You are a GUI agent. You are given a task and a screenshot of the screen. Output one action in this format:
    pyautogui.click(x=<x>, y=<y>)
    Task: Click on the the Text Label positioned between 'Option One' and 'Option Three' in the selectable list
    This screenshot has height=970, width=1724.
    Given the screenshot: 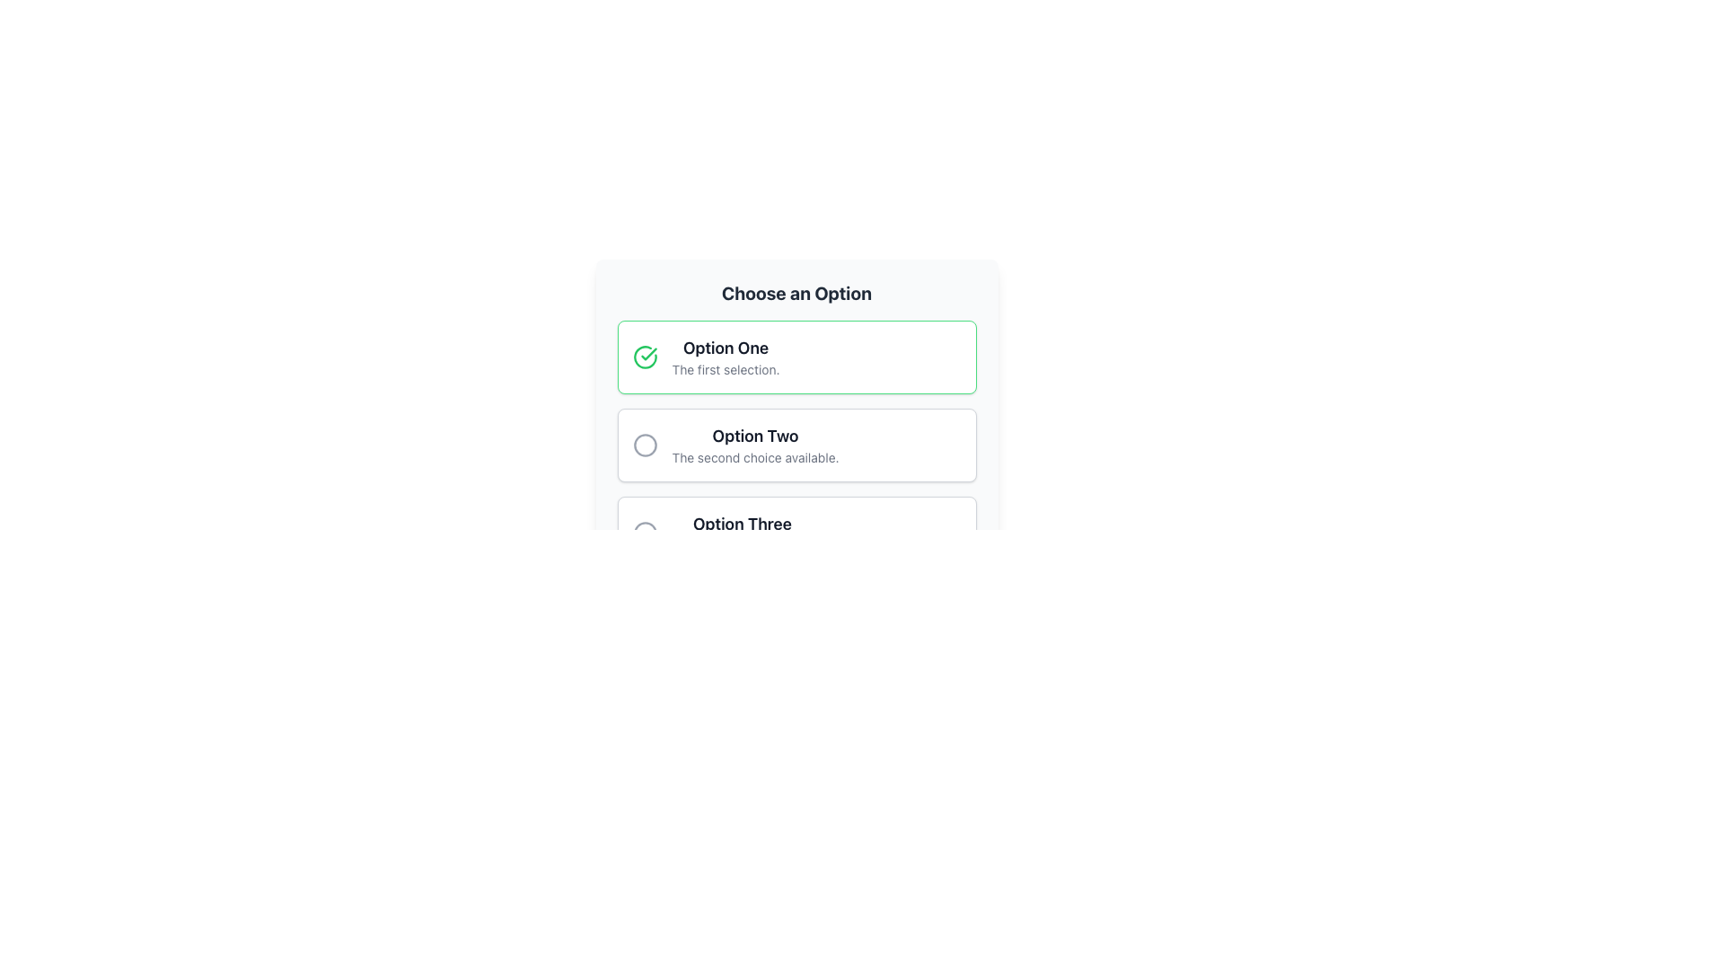 What is the action you would take?
    pyautogui.click(x=755, y=436)
    